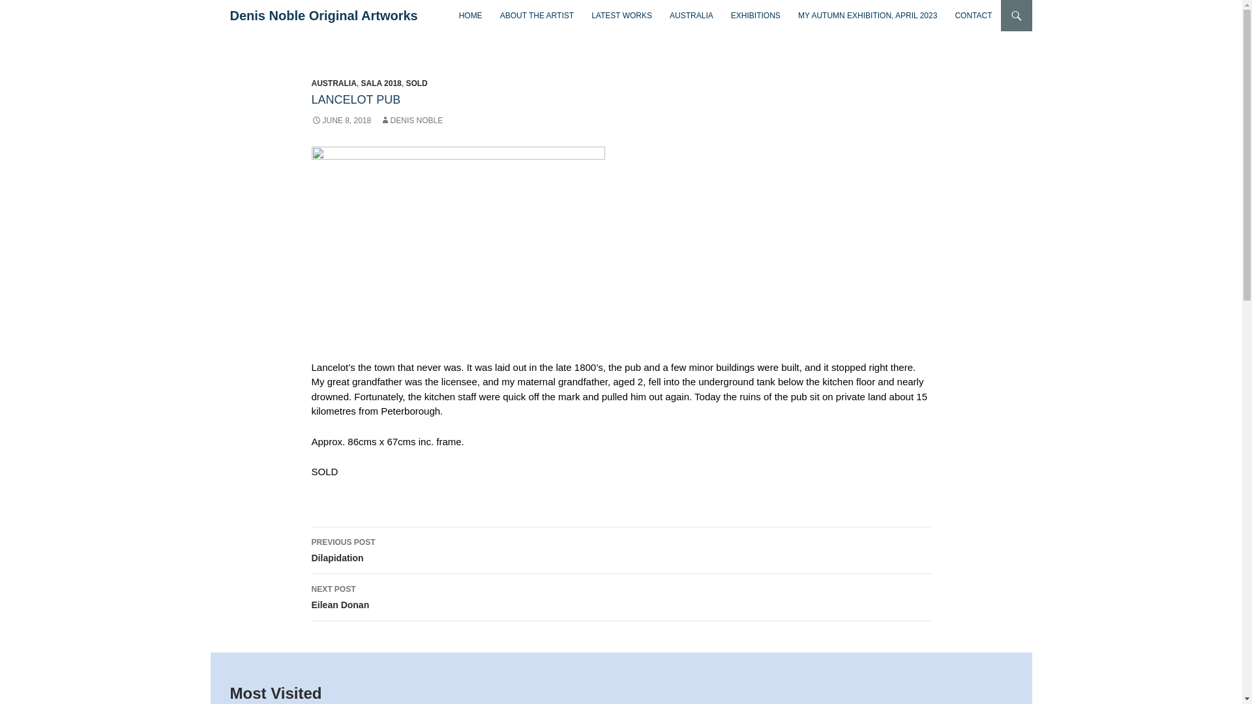 The width and height of the screenshot is (1252, 704). I want to click on 'MY AUTUMN EXHIBITION, APRIL 2023', so click(867, 15).